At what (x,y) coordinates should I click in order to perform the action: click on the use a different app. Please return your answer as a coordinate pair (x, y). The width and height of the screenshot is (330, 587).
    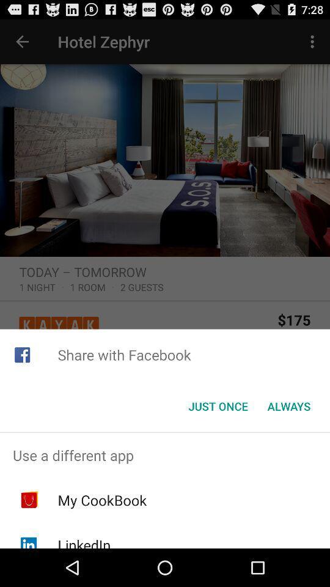
    Looking at the image, I should click on (165, 454).